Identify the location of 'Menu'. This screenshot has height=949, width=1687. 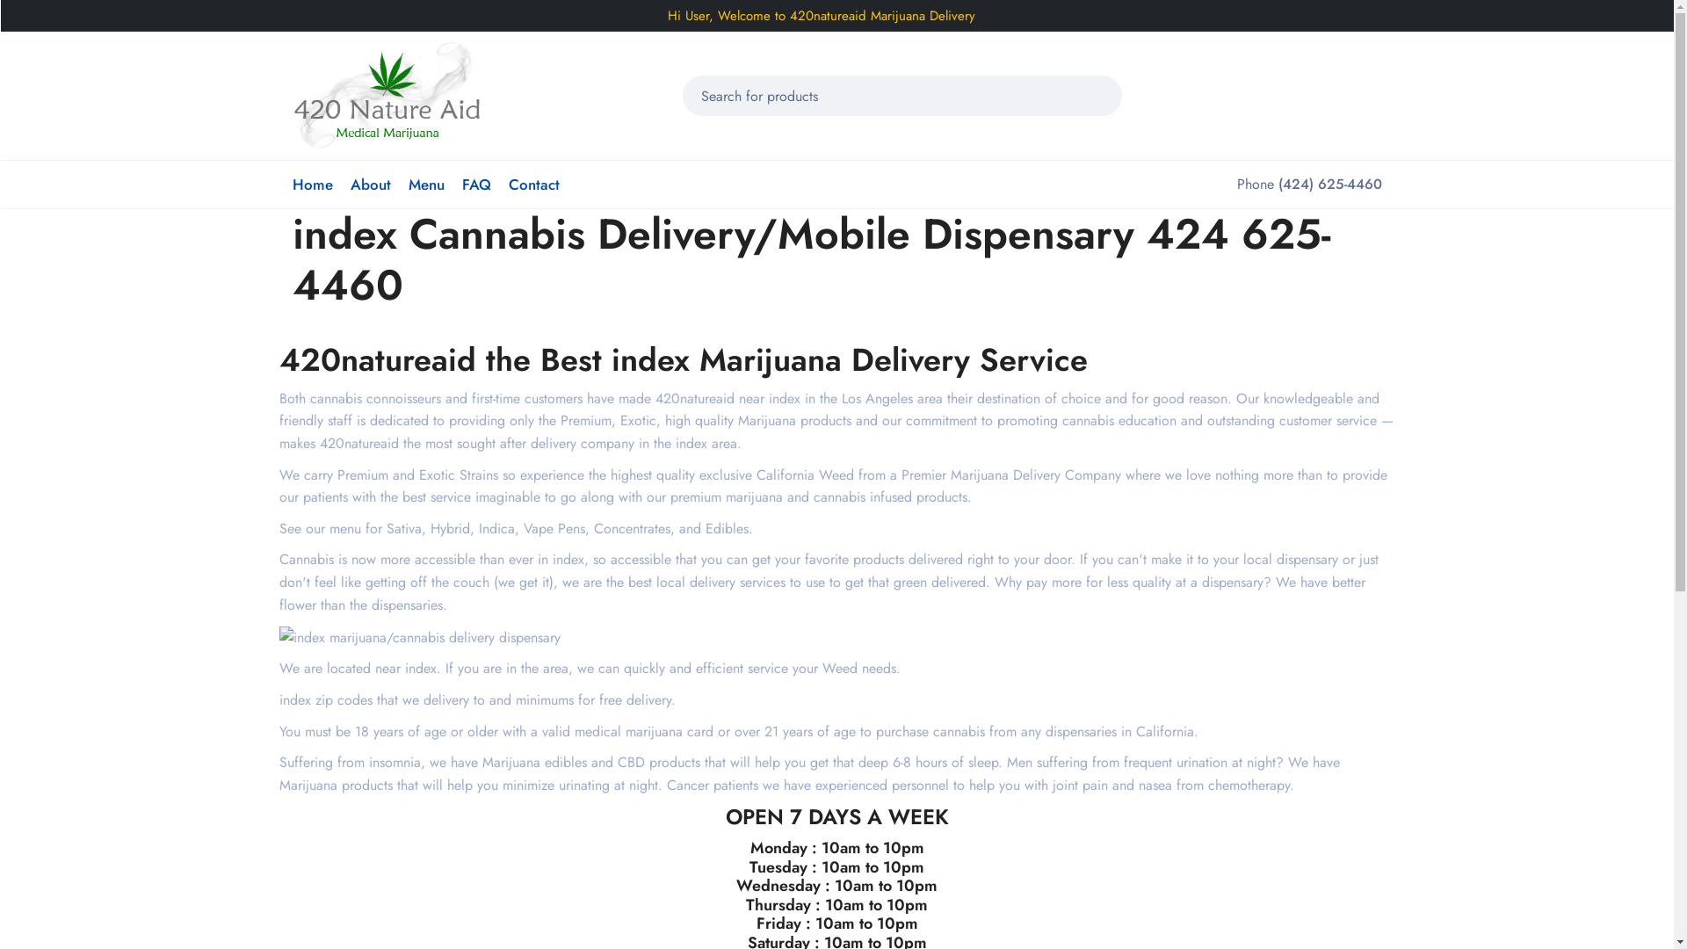
(425, 184).